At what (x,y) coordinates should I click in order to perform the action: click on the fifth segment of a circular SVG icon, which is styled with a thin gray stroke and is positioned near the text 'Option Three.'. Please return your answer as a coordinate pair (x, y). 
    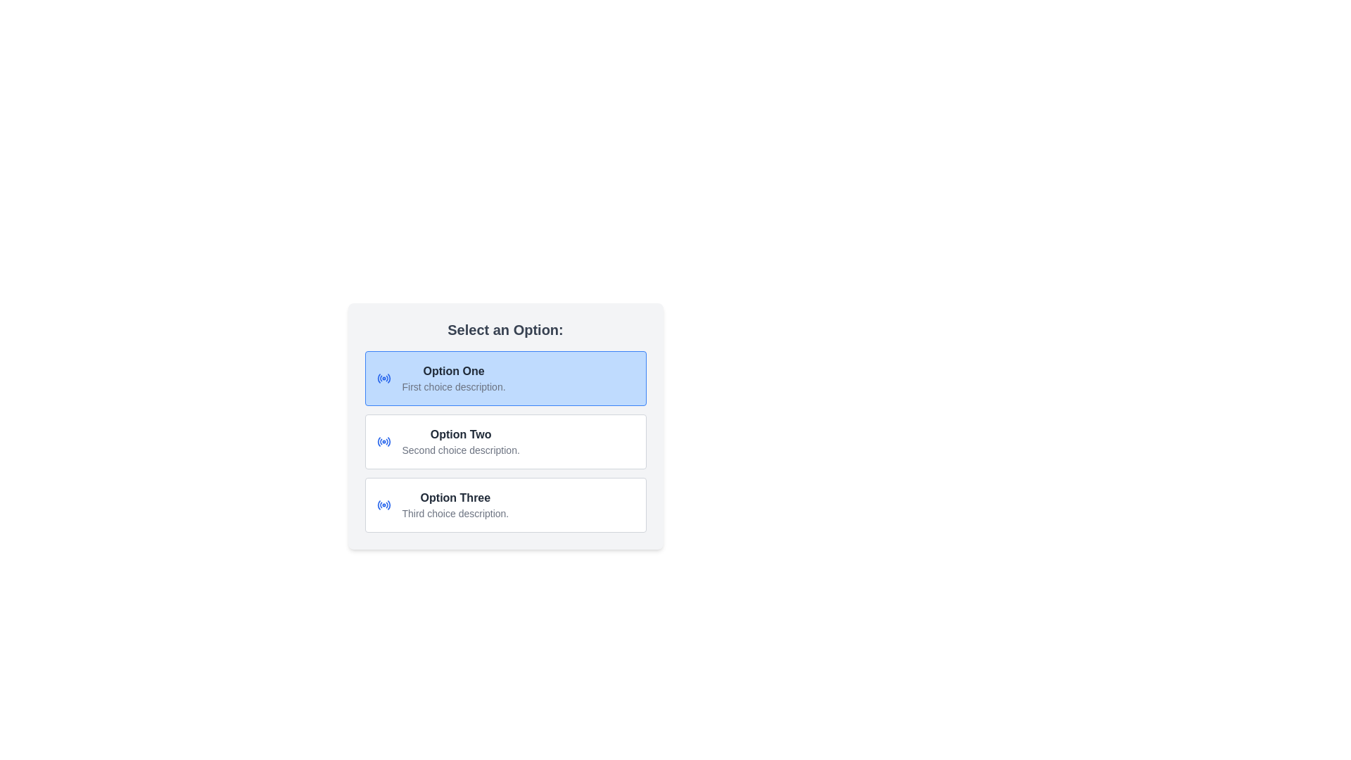
    Looking at the image, I should click on (388, 504).